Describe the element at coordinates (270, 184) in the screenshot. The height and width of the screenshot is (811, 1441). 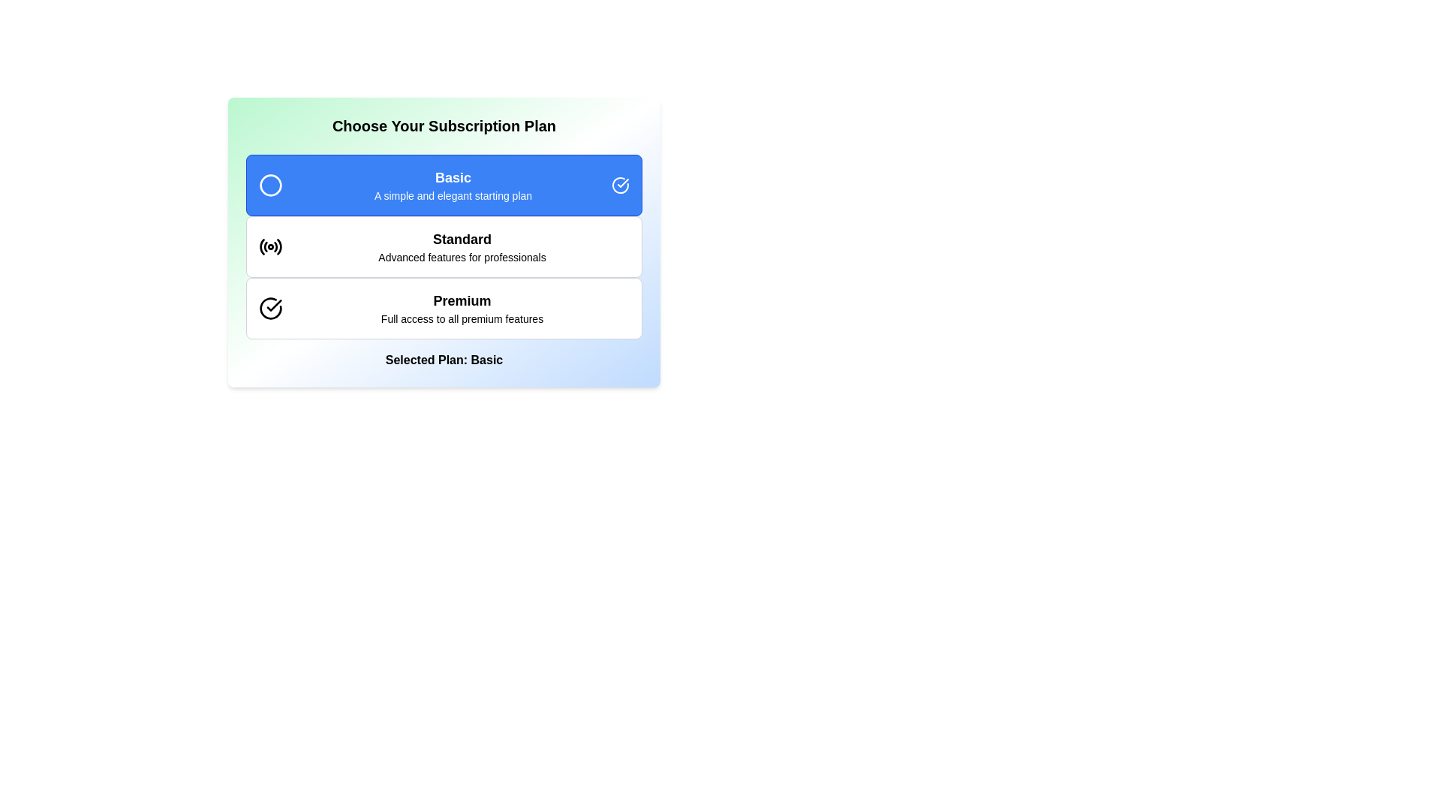
I see `the circular icon that serves as a visual identifier for the 'Basic' subscription plan button, which is positioned at the top of the subscription options list` at that location.